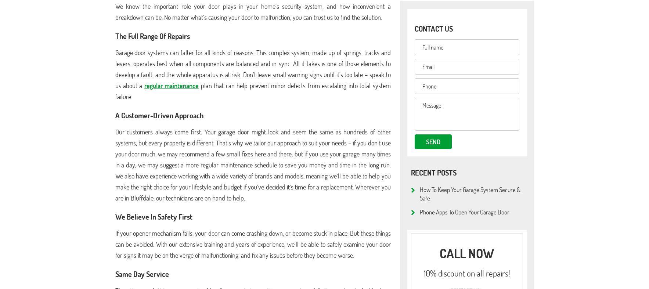  What do you see at coordinates (410, 172) in the screenshot?
I see `'Recent posts'` at bounding box center [410, 172].